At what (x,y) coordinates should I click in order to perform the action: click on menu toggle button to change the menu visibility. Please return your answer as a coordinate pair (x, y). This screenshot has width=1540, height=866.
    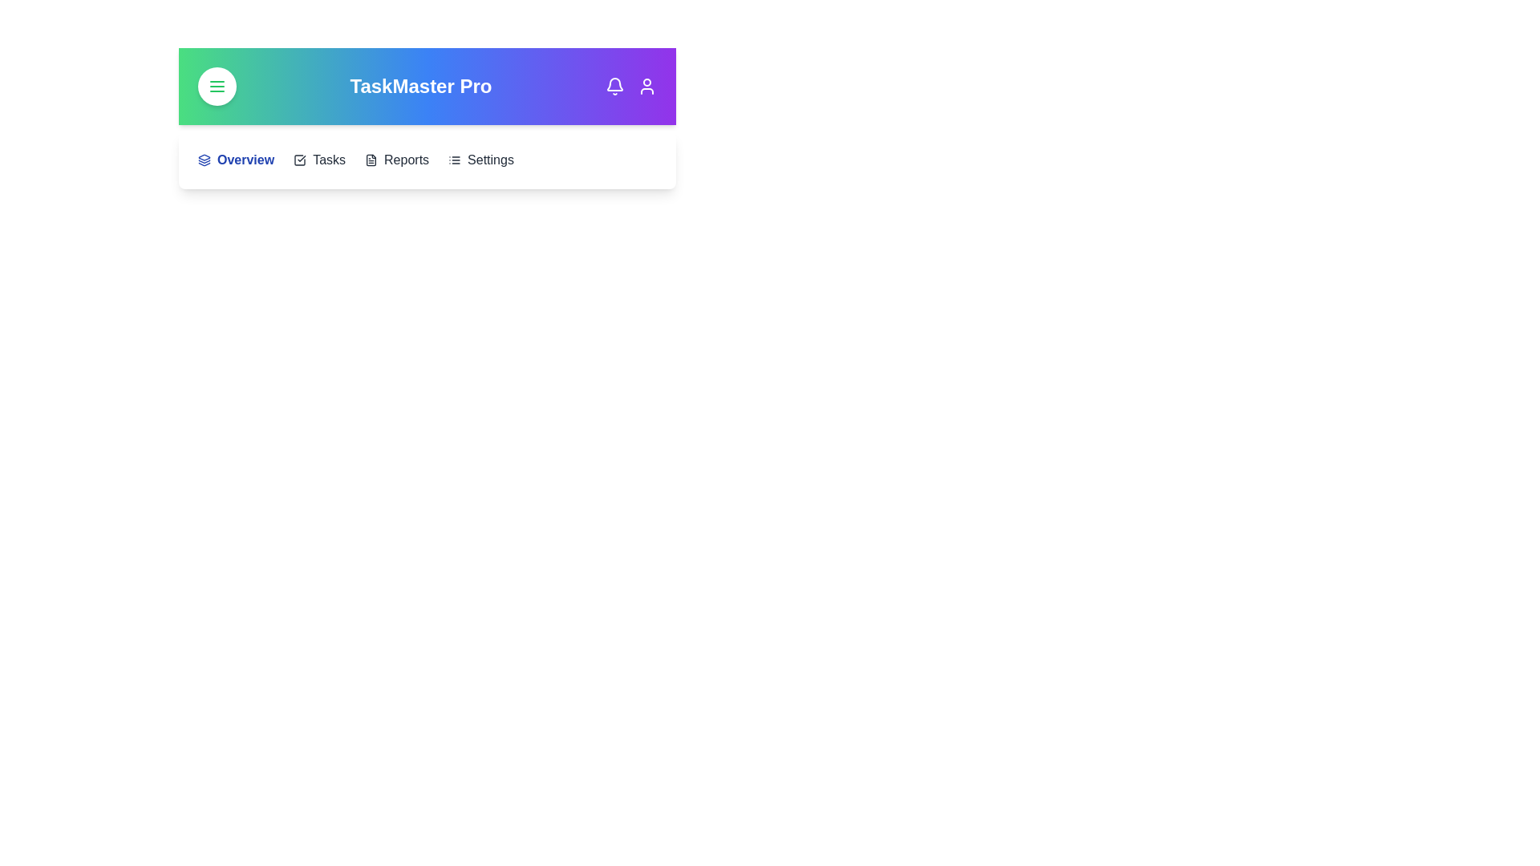
    Looking at the image, I should click on (216, 87).